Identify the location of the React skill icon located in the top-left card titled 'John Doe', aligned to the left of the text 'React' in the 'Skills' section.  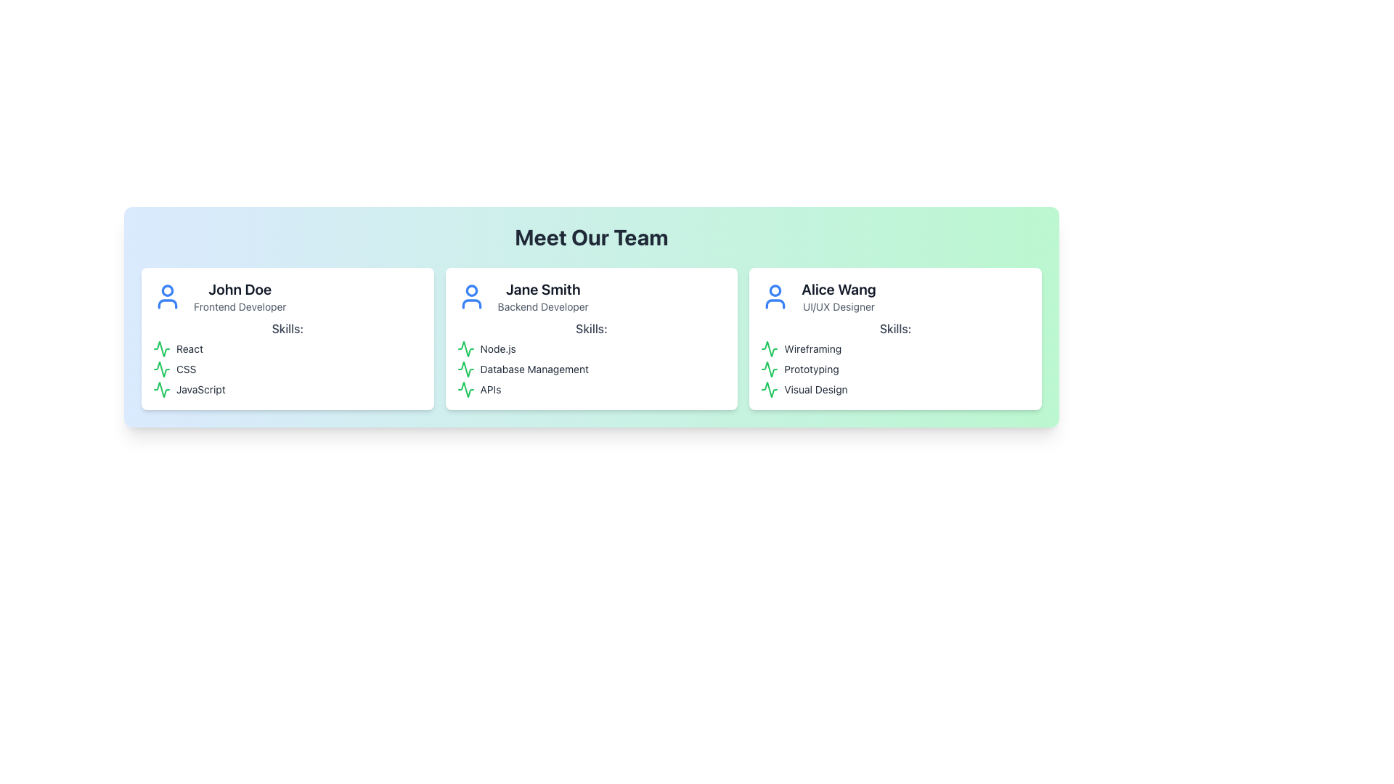
(161, 349).